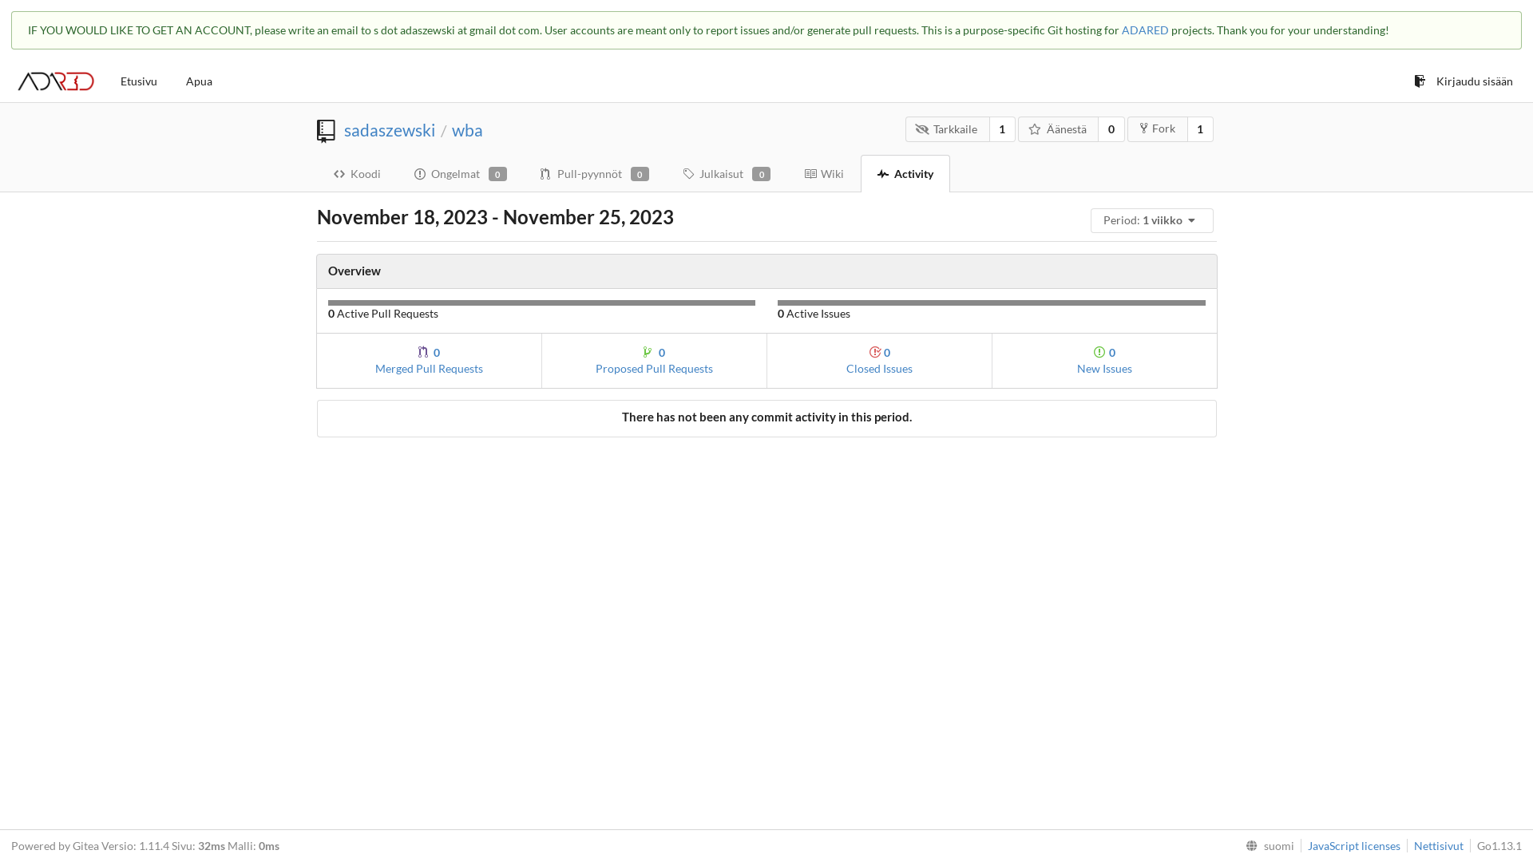  I want to click on 'Apua', so click(176, 81).